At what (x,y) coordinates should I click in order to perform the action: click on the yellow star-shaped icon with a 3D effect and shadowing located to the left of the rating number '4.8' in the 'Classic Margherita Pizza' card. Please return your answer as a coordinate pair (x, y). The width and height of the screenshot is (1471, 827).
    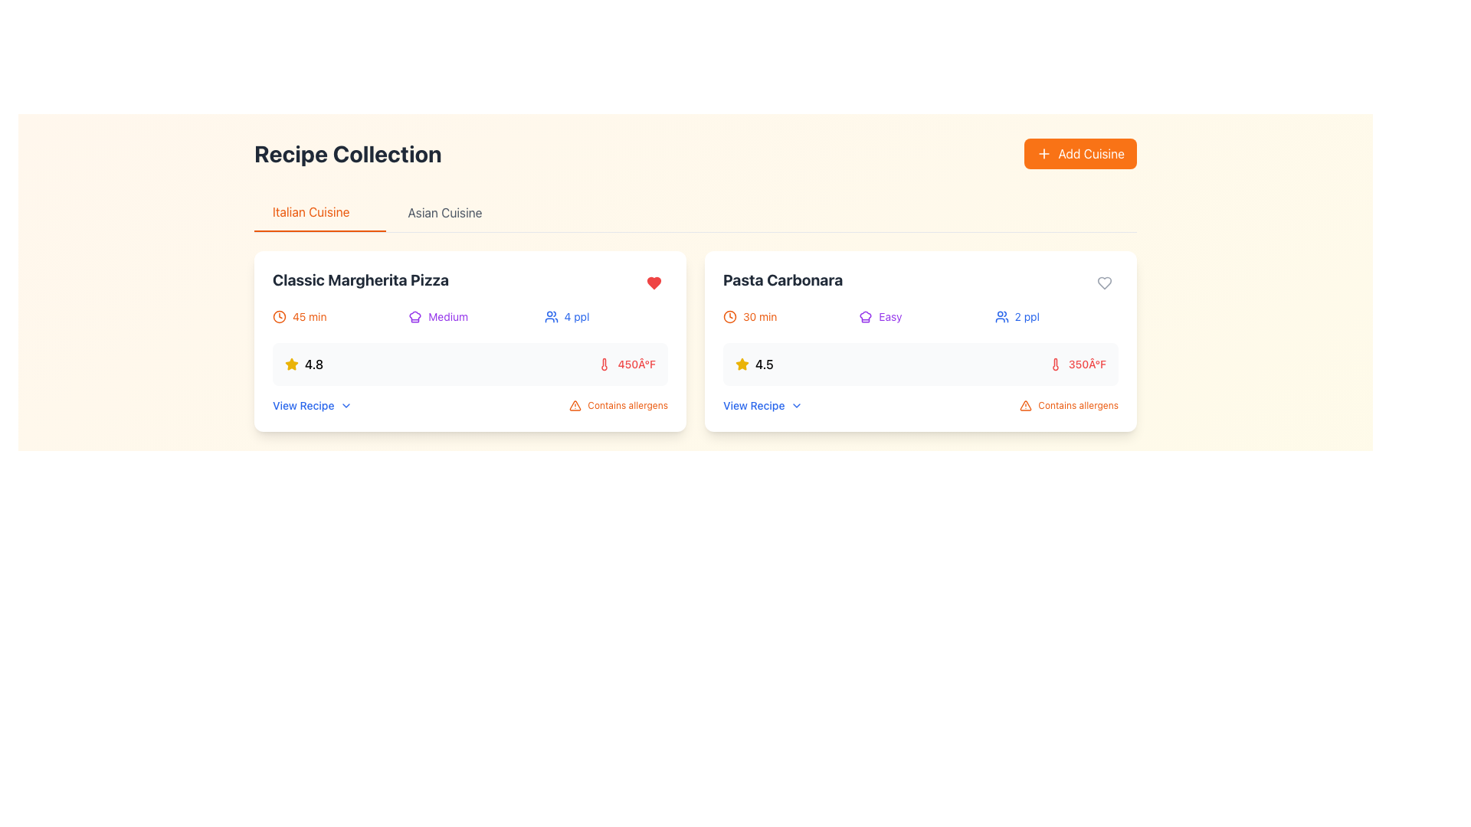
    Looking at the image, I should click on (291, 364).